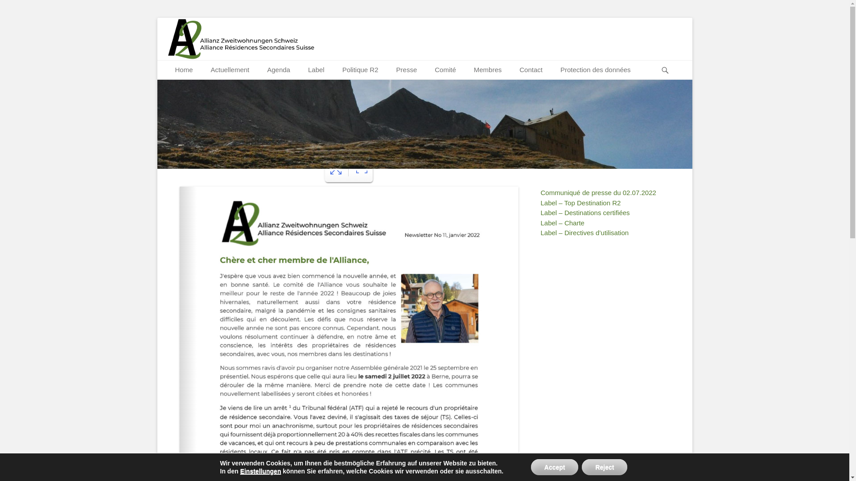 The height and width of the screenshot is (481, 856). I want to click on 'Label', so click(316, 69).